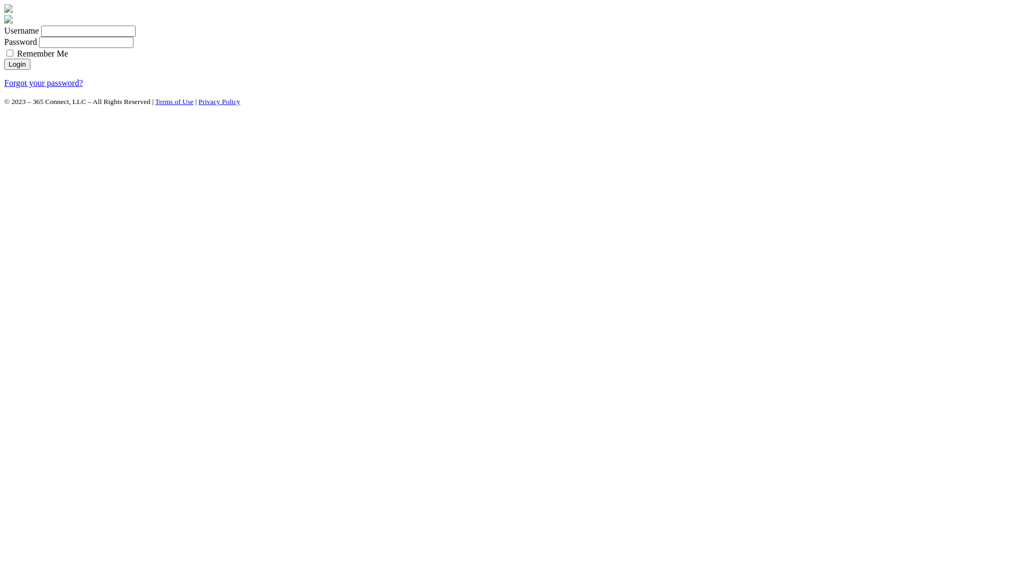 The height and width of the screenshot is (576, 1025). What do you see at coordinates (155, 101) in the screenshot?
I see `'Terms of Use'` at bounding box center [155, 101].